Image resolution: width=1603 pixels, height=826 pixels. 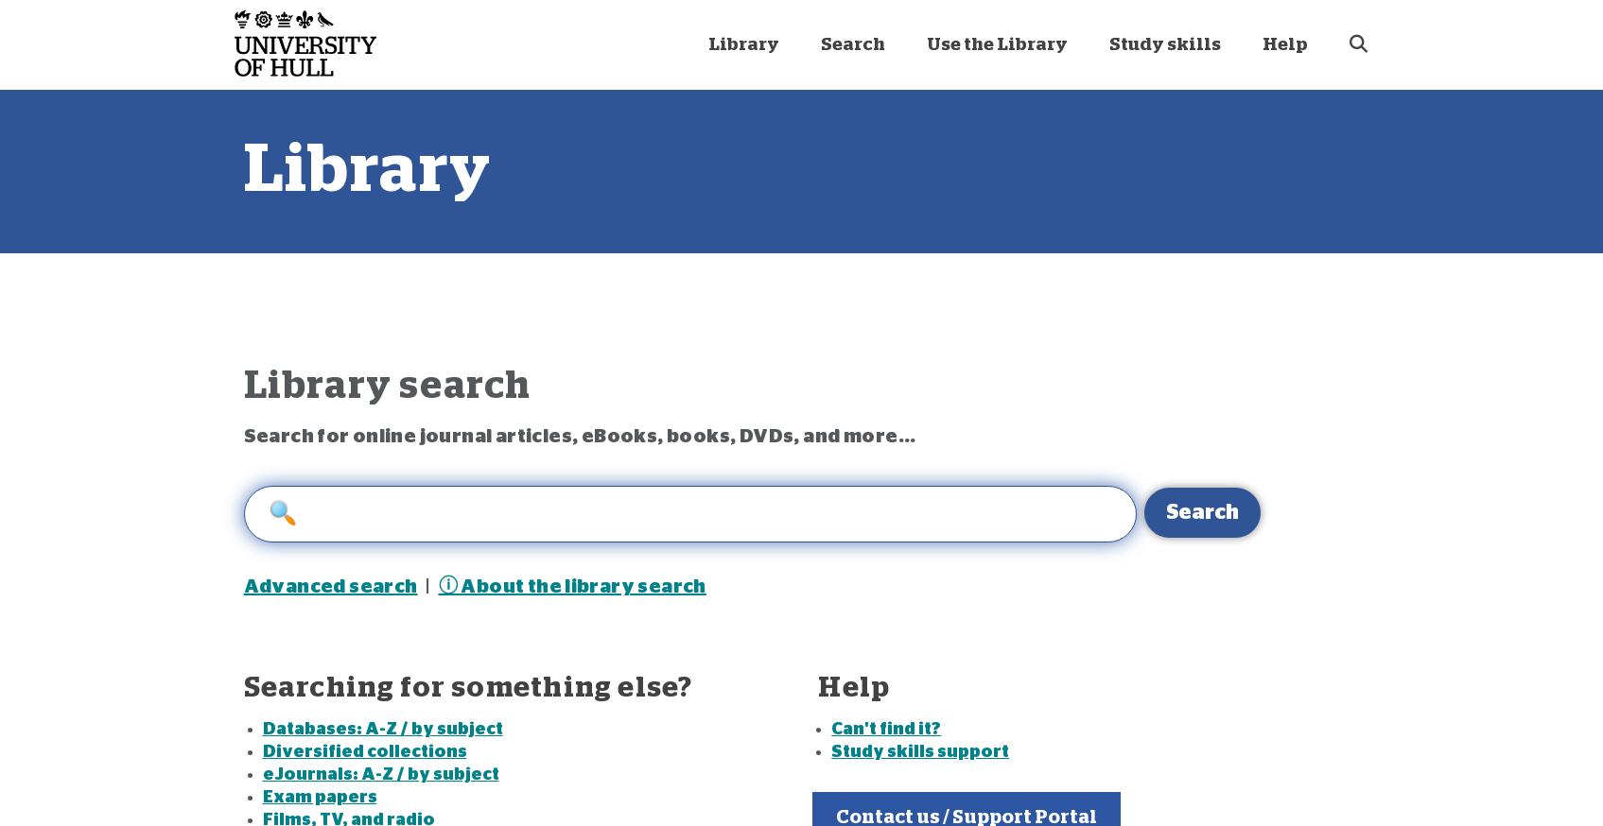 What do you see at coordinates (998, 294) in the screenshot?
I see `'10:00 - 11:00 Saturday, 4th November 2023'` at bounding box center [998, 294].